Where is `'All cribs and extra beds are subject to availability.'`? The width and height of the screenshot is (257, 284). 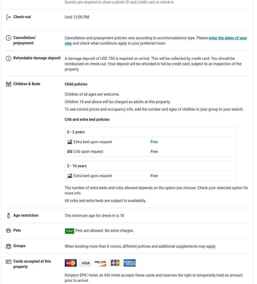
'All cribs and extra beds are subject to availability.' is located at coordinates (105, 200).